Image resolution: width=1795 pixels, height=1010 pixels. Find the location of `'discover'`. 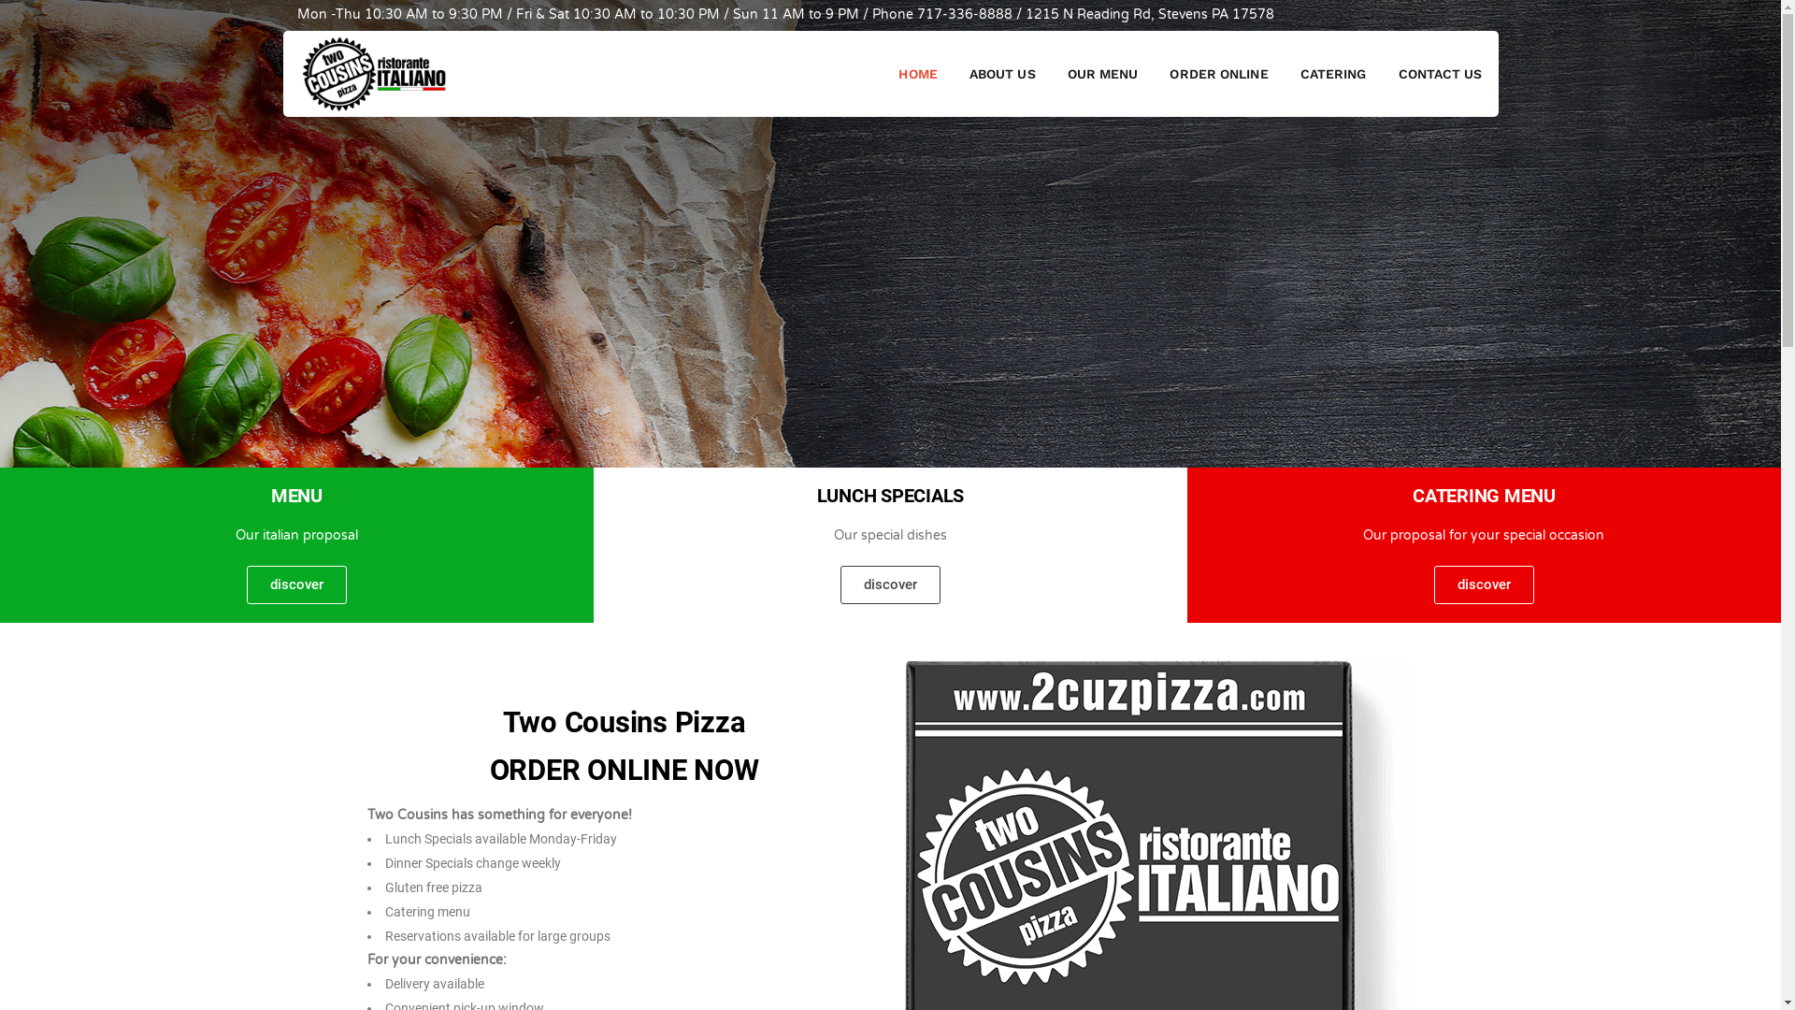

'discover' is located at coordinates (1483, 584).